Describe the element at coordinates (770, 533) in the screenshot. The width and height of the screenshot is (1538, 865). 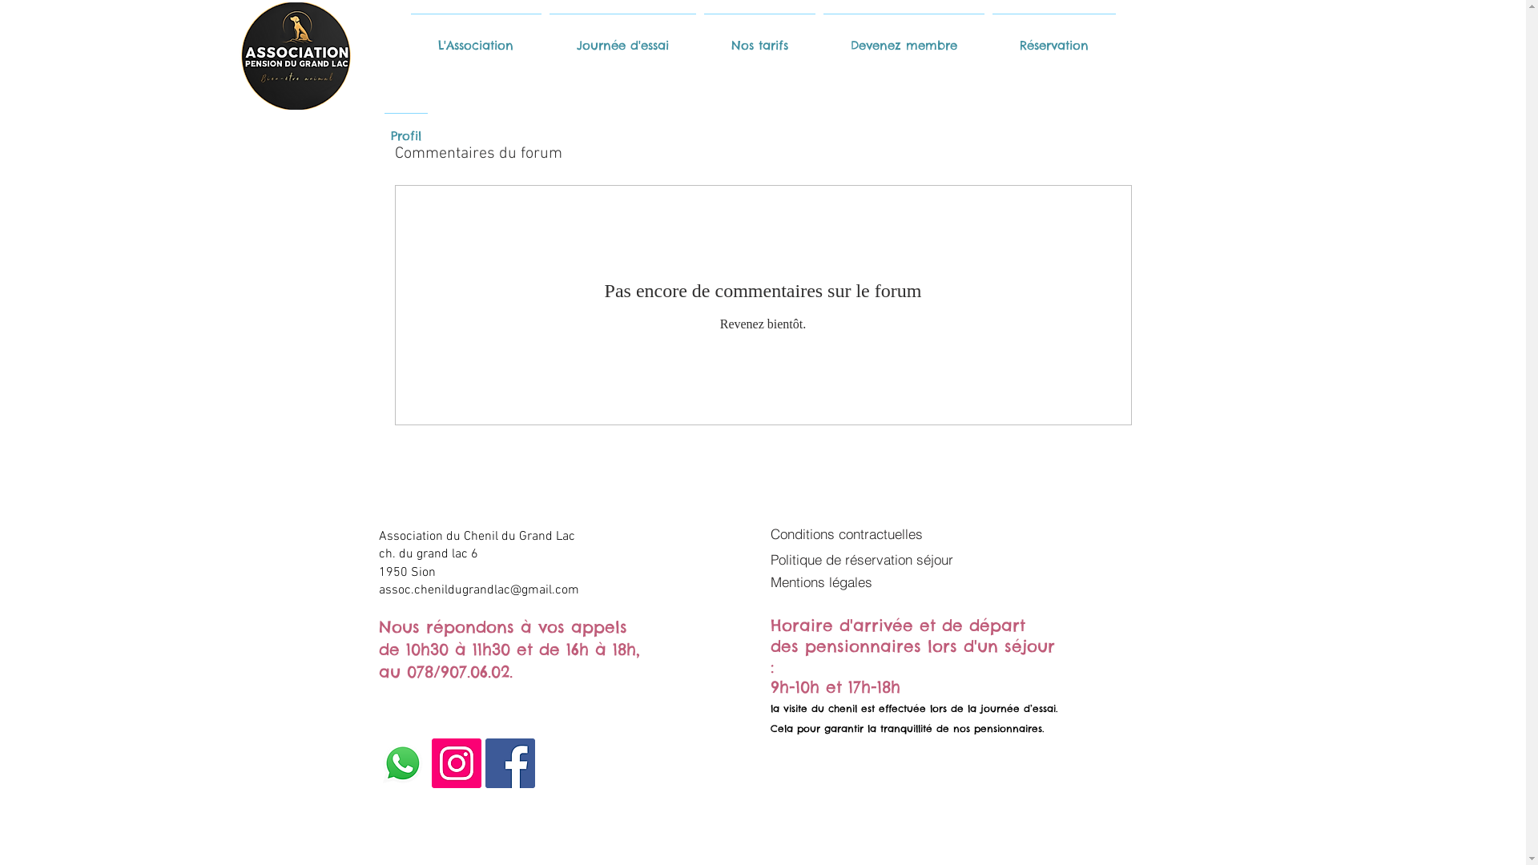
I see `'Conditions contractuelles'` at that location.